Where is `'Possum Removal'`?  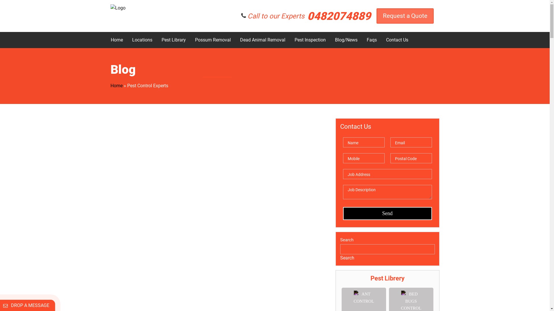 'Possum Removal' is located at coordinates (212, 39).